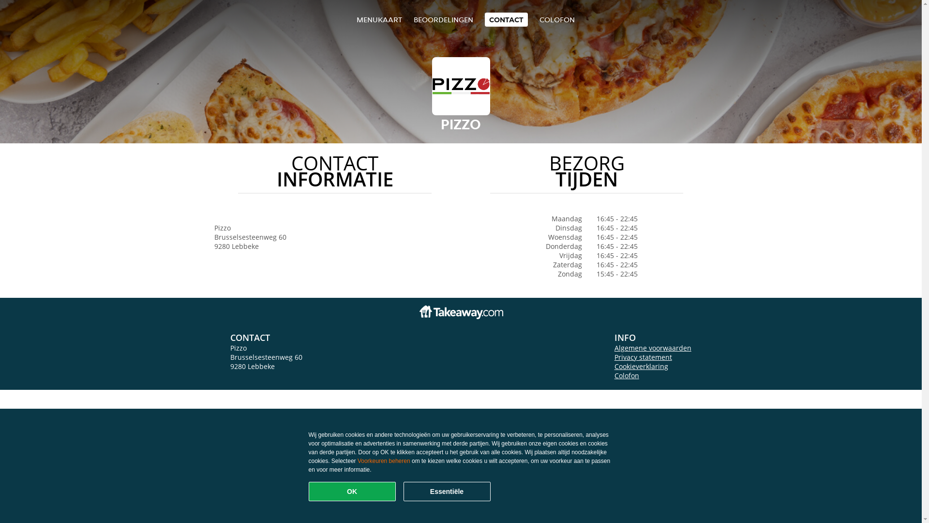  What do you see at coordinates (627, 375) in the screenshot?
I see `'Colofon'` at bounding box center [627, 375].